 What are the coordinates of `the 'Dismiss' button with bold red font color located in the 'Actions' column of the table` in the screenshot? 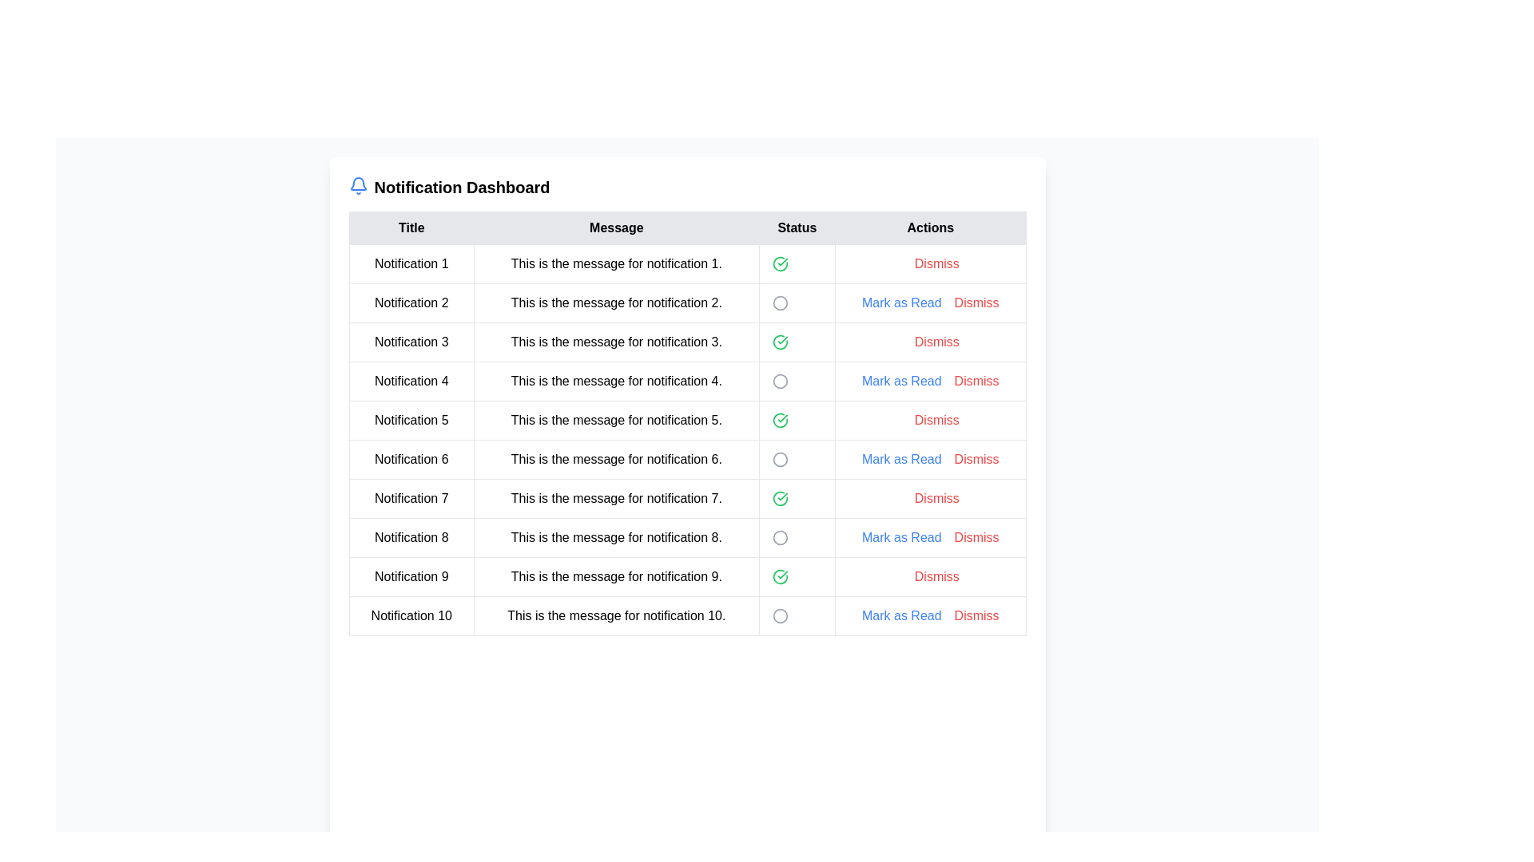 It's located at (936, 576).